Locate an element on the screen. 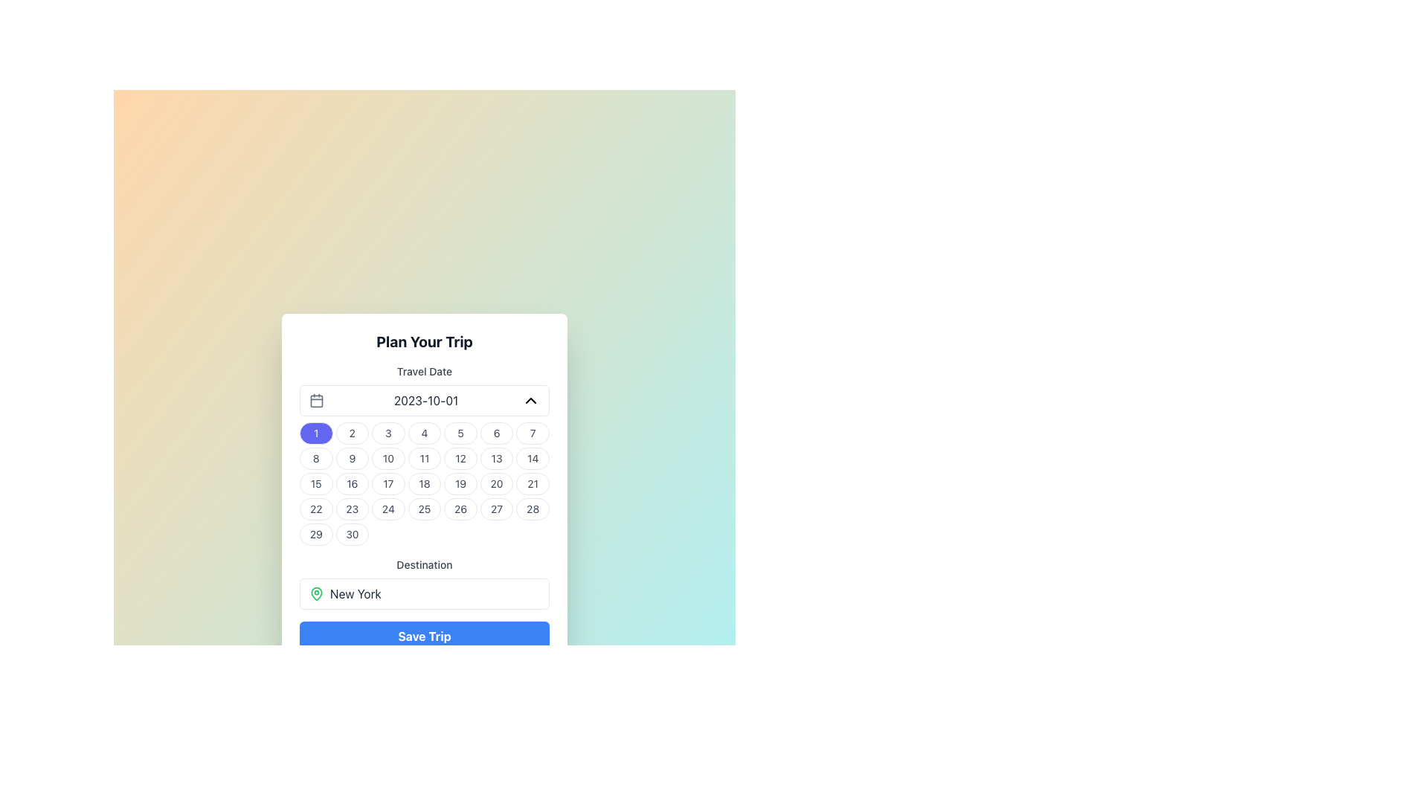 This screenshot has width=1428, height=803. the selectable calendar date button for the 27th slot in the calendar grid to set the date is located at coordinates (496, 509).